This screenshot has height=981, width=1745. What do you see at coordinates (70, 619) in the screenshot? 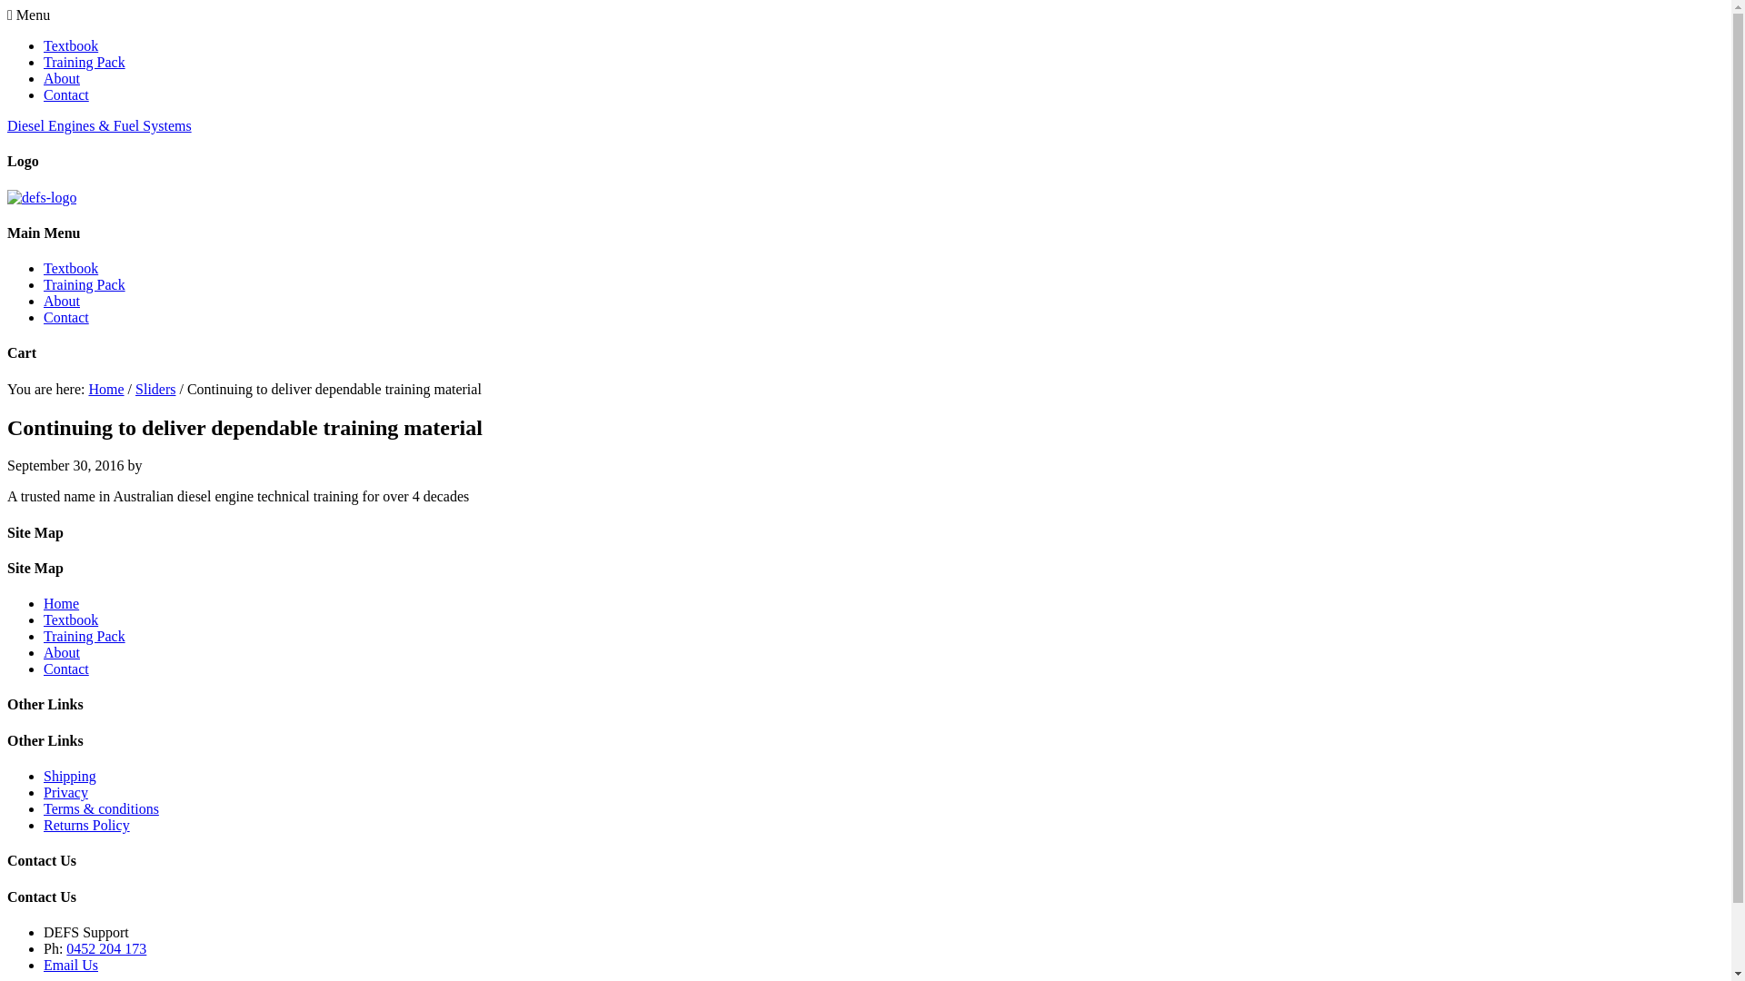
I see `'Textbook'` at bounding box center [70, 619].